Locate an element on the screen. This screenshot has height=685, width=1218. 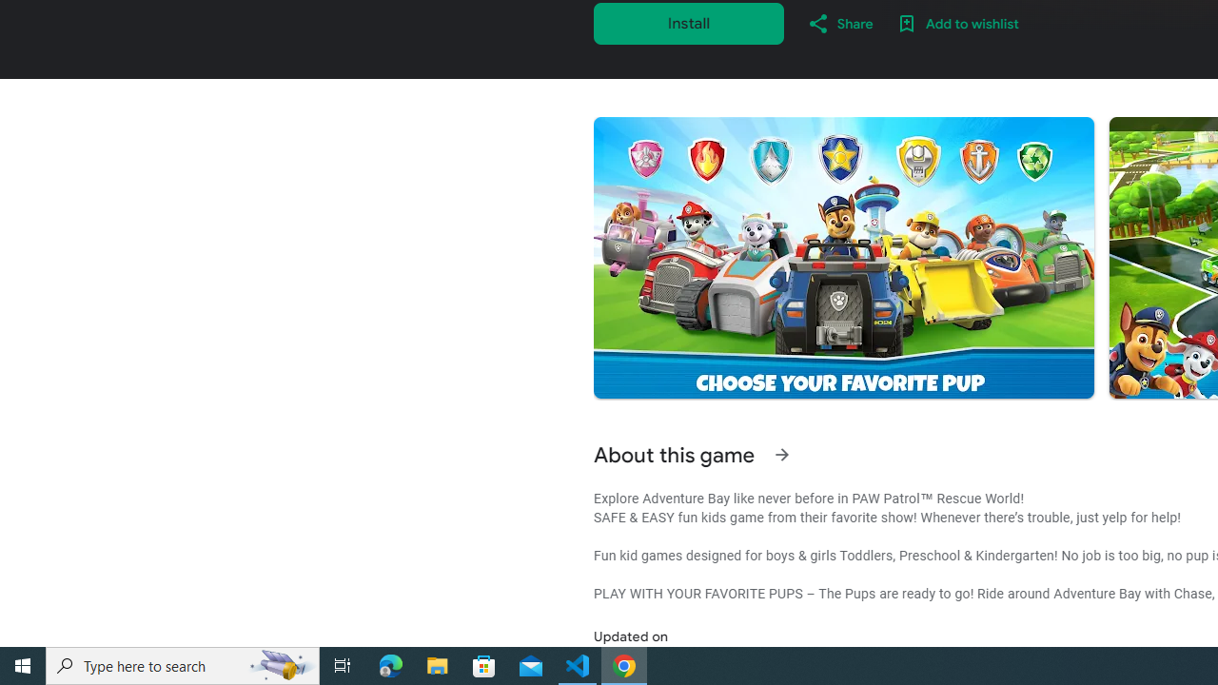
'Share' is located at coordinates (837, 23).